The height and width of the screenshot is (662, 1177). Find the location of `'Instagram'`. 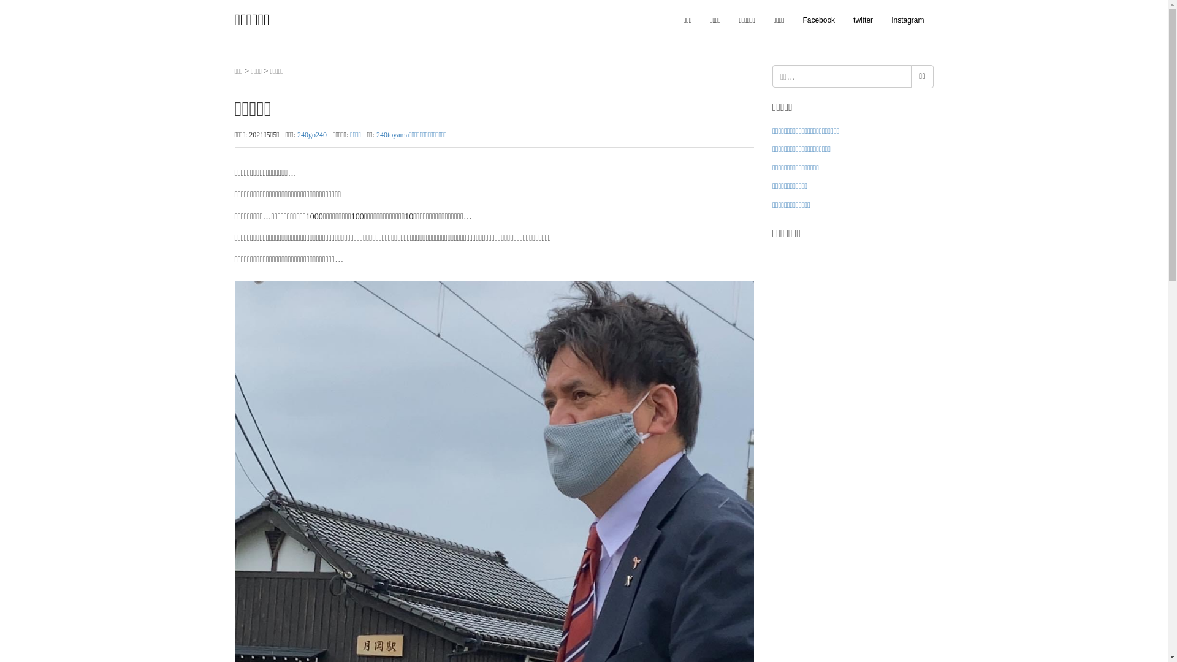

'Instagram' is located at coordinates (907, 20).